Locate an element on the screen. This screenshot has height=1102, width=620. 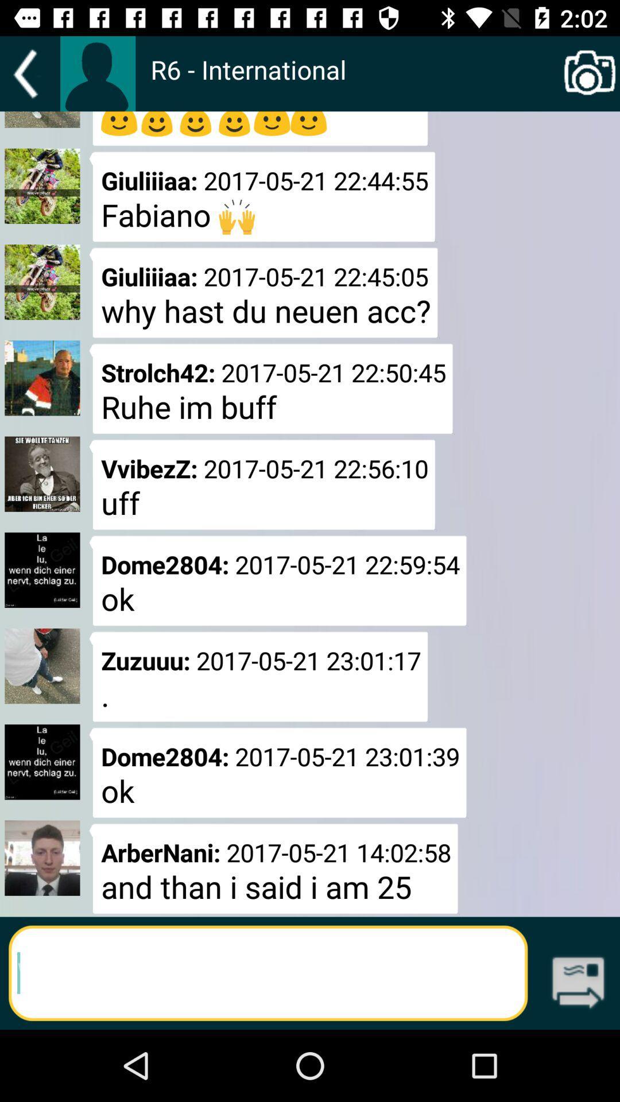
the icon below the dome2804 2017 05 is located at coordinates (274, 868).